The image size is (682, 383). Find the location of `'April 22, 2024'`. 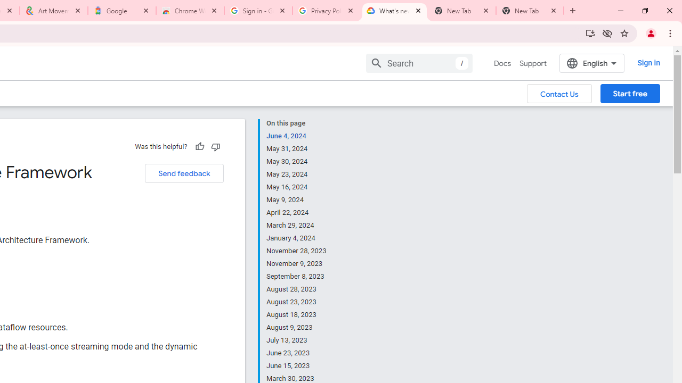

'April 22, 2024' is located at coordinates (297, 212).